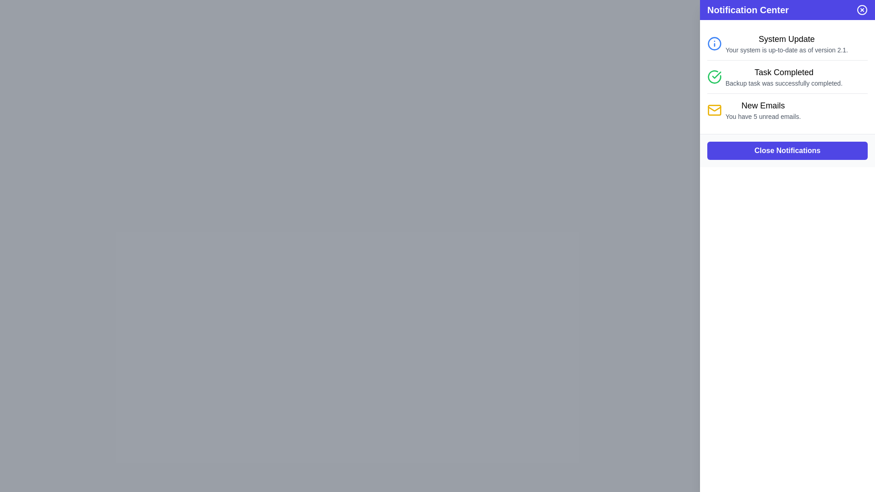 Image resolution: width=875 pixels, height=492 pixels. Describe the element at coordinates (787, 150) in the screenshot. I see `the close button located at the bottom section of the notification panel` at that location.